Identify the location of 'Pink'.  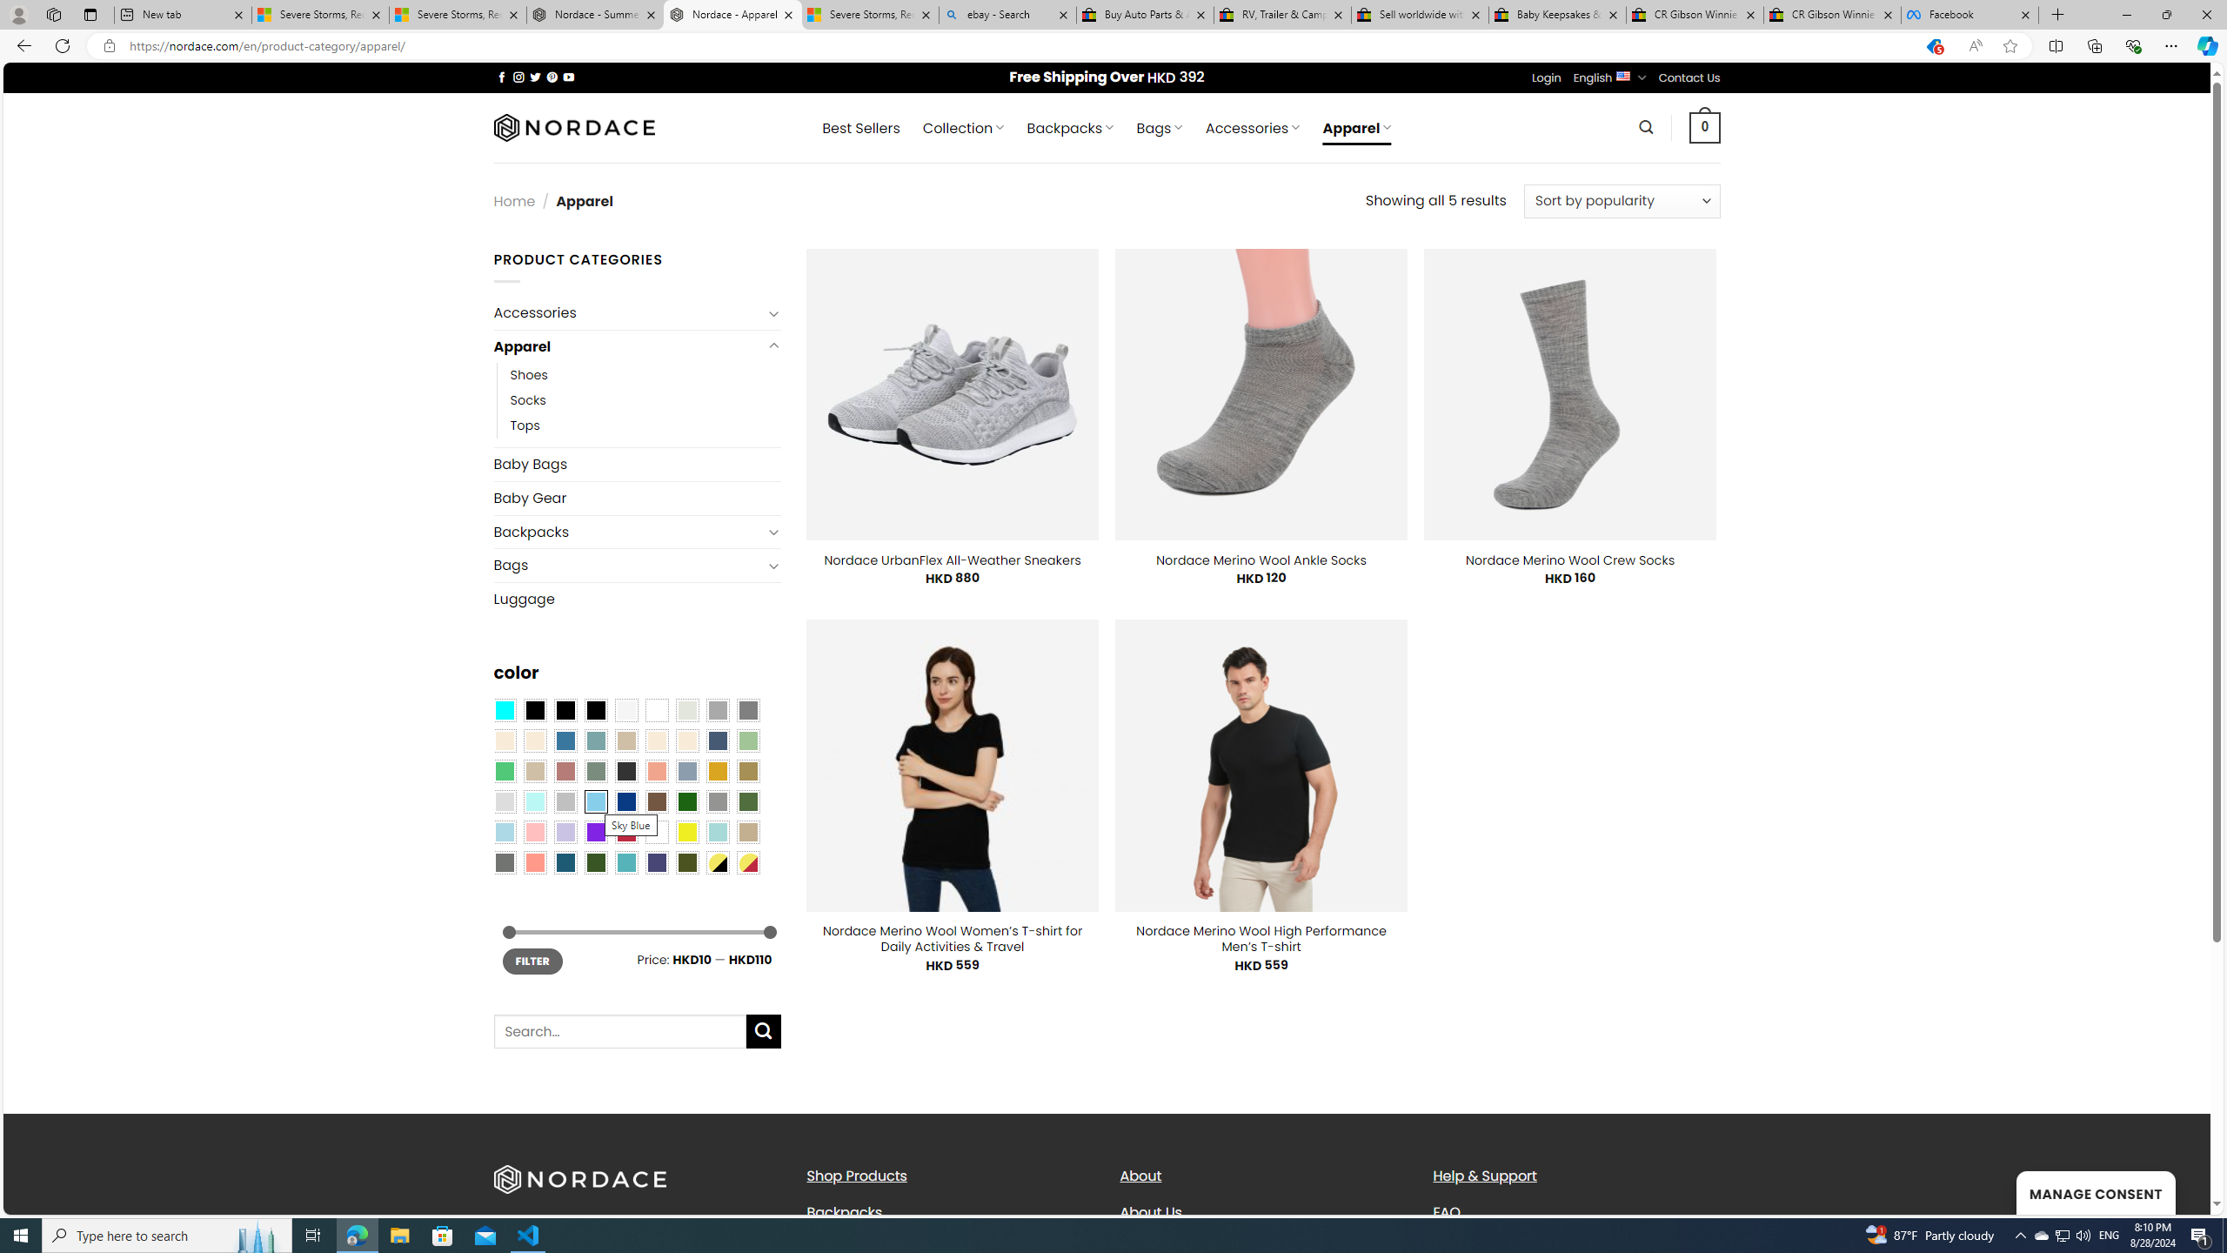
(533, 831).